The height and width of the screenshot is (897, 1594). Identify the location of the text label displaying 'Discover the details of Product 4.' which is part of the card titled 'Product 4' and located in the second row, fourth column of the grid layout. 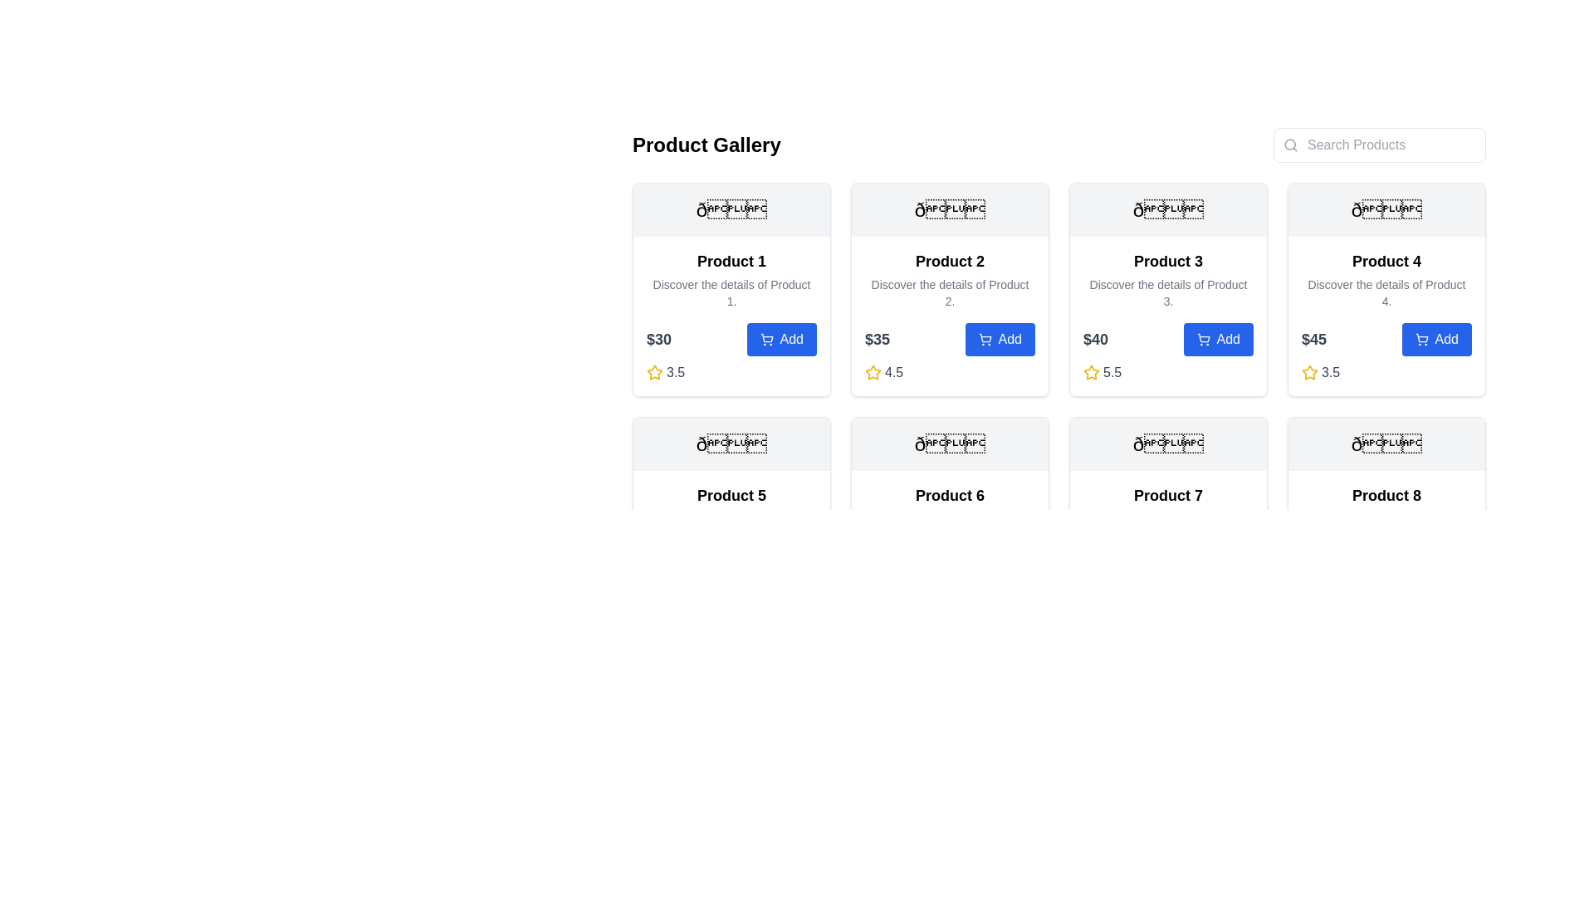
(1386, 292).